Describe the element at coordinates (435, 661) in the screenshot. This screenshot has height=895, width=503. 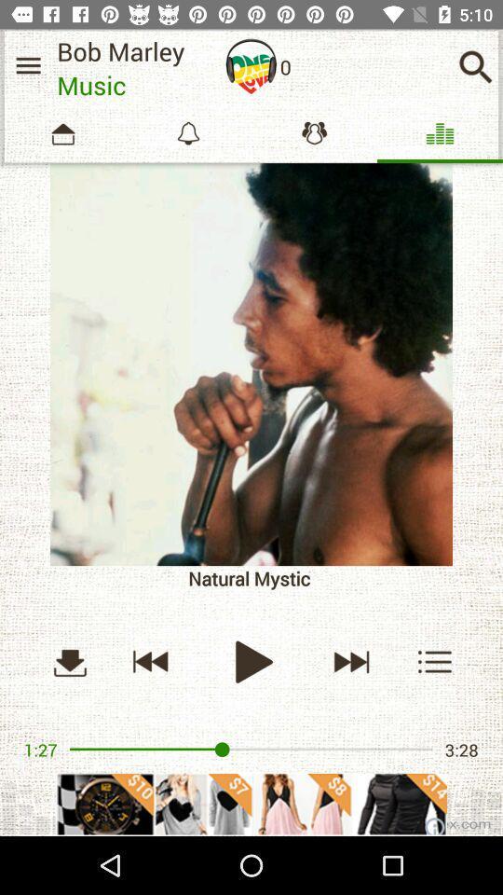
I see `options` at that location.